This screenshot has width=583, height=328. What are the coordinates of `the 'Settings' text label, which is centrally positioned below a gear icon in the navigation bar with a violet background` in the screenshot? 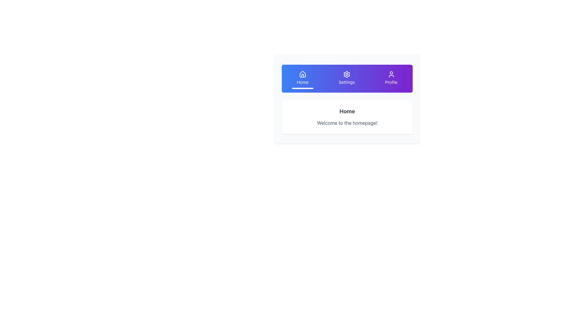 It's located at (347, 82).